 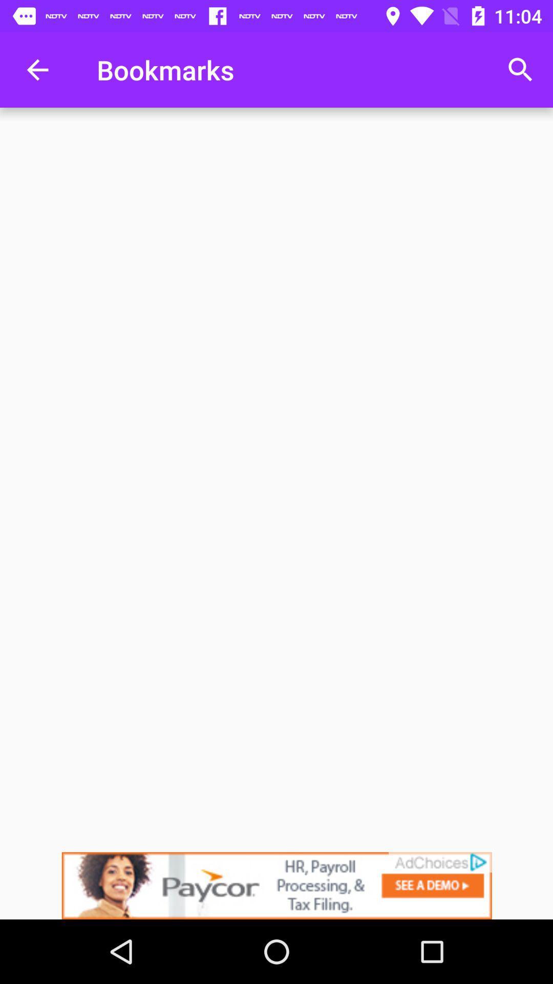 What do you see at coordinates (276, 885) in the screenshot?
I see `click advertisement` at bounding box center [276, 885].